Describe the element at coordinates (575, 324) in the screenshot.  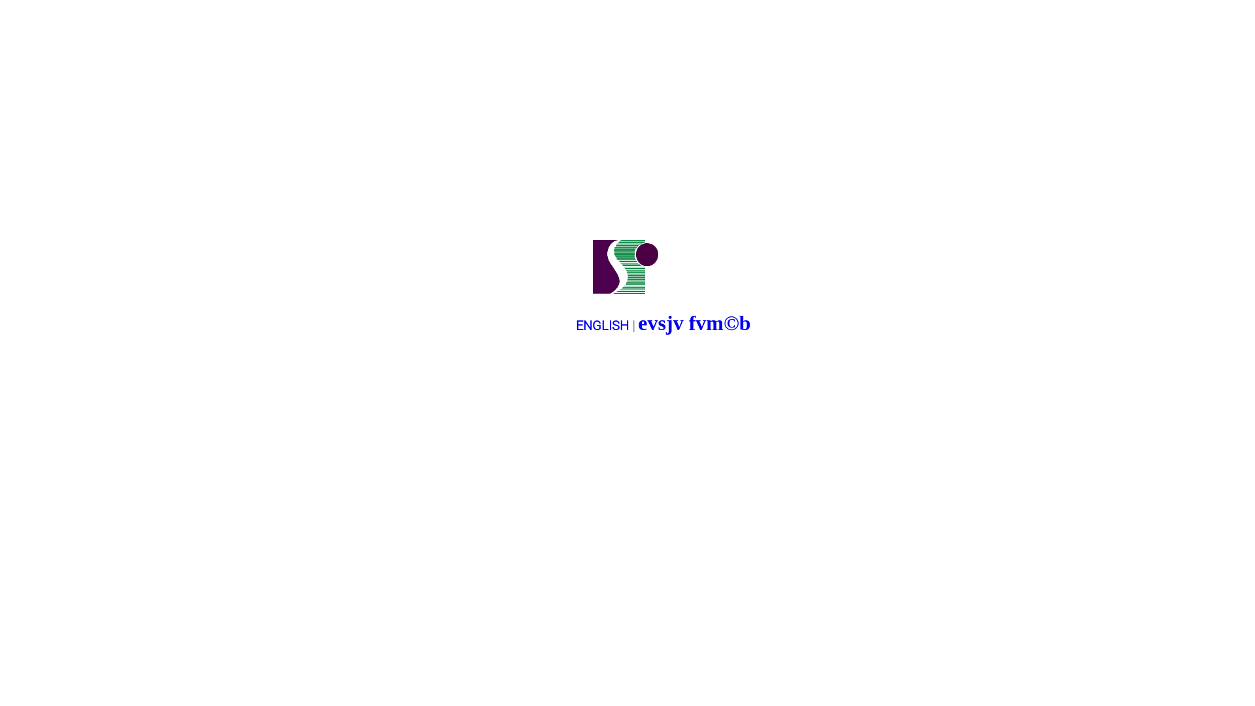
I see `'ENGLISH'` at that location.